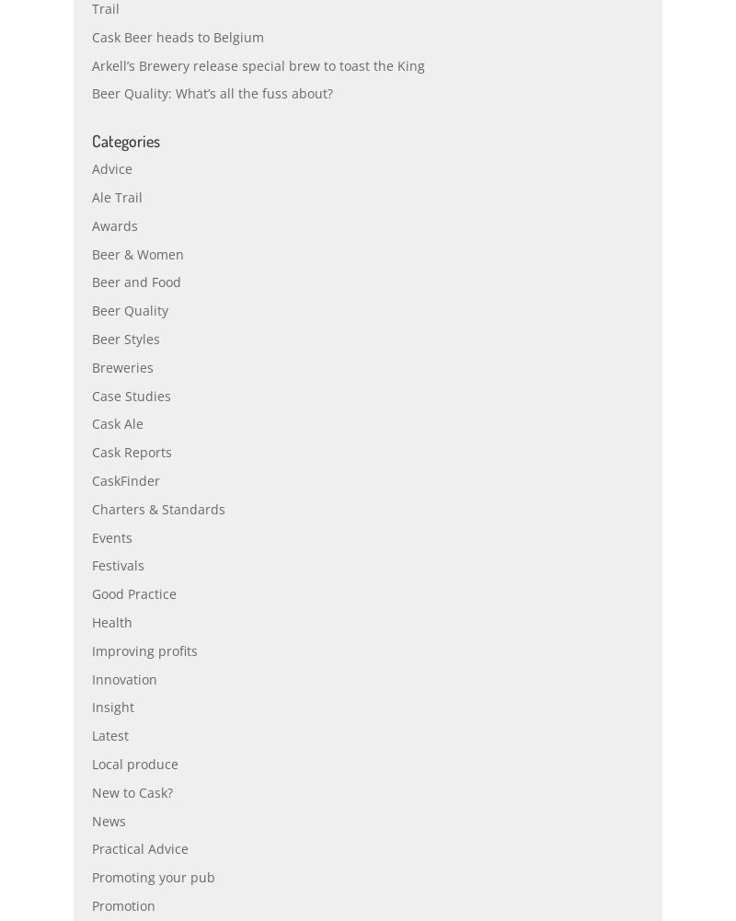 The width and height of the screenshot is (736, 921). I want to click on 'New to Cask?', so click(132, 833).